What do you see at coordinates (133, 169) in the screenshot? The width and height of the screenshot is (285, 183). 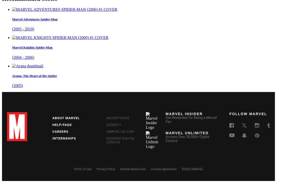 I see `'Interest-Based Ads'` at bounding box center [133, 169].